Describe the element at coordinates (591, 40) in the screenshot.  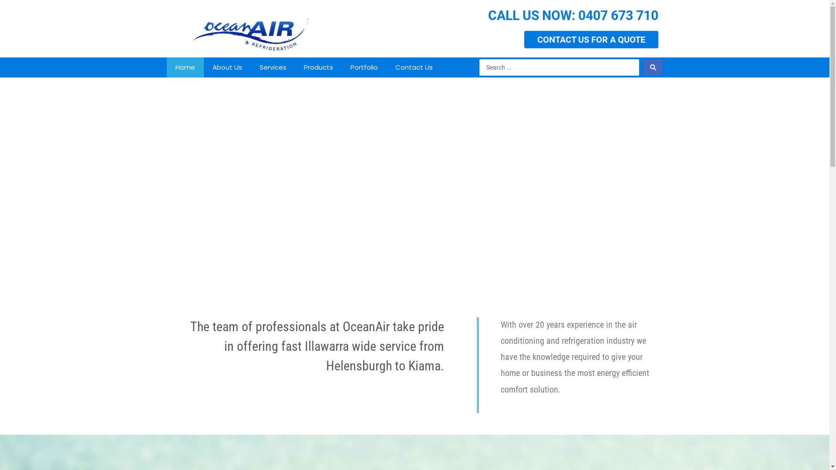
I see `'CONTACT US FOR A QUOTE'` at that location.